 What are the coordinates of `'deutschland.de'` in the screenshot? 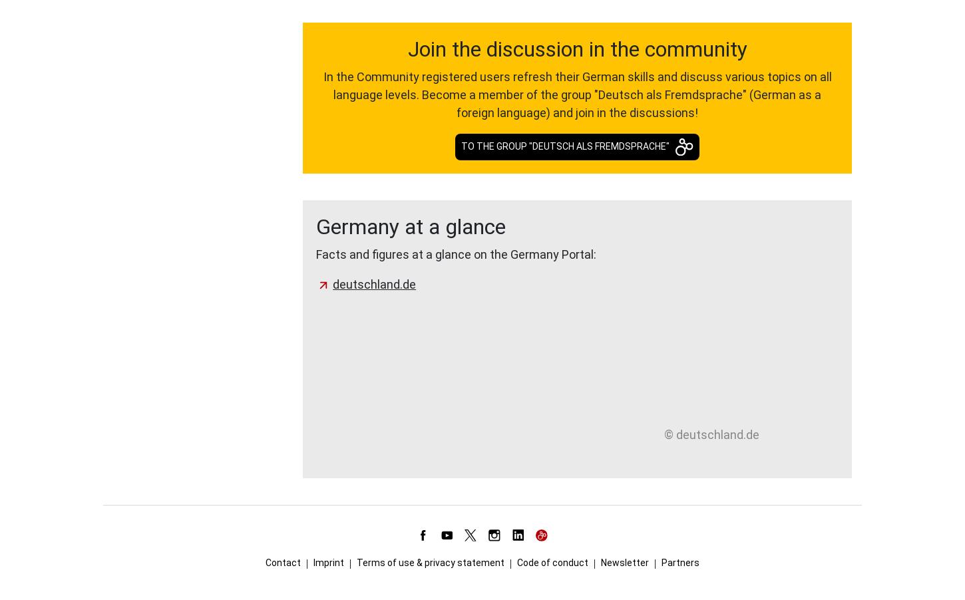 It's located at (374, 284).